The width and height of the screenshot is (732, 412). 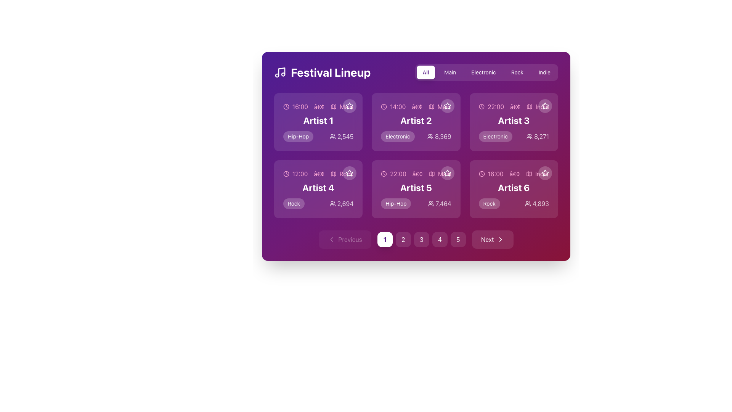 I want to click on the star-shaped icon outlined with a thin stroke located at the top-right corner of the card labeled 'Artist 6' in the bottom-right corner of the grid display, so click(x=545, y=173).